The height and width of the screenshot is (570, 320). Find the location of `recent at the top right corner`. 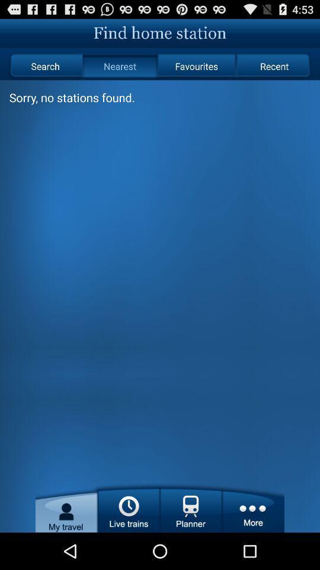

recent at the top right corner is located at coordinates (274, 66).